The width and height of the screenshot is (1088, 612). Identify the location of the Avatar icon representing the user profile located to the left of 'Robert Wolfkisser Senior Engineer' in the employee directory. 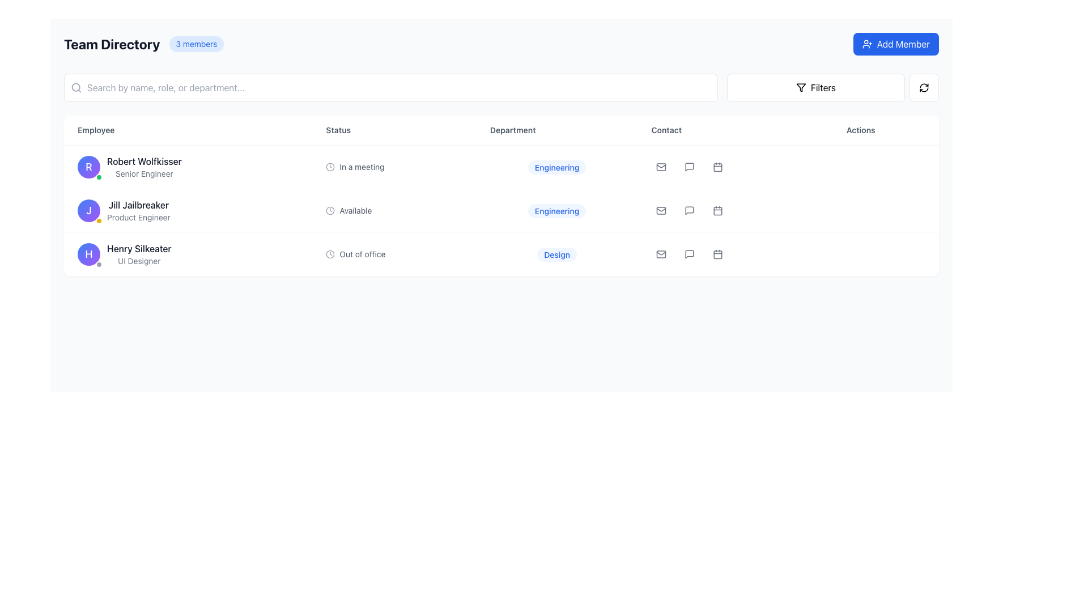
(88, 167).